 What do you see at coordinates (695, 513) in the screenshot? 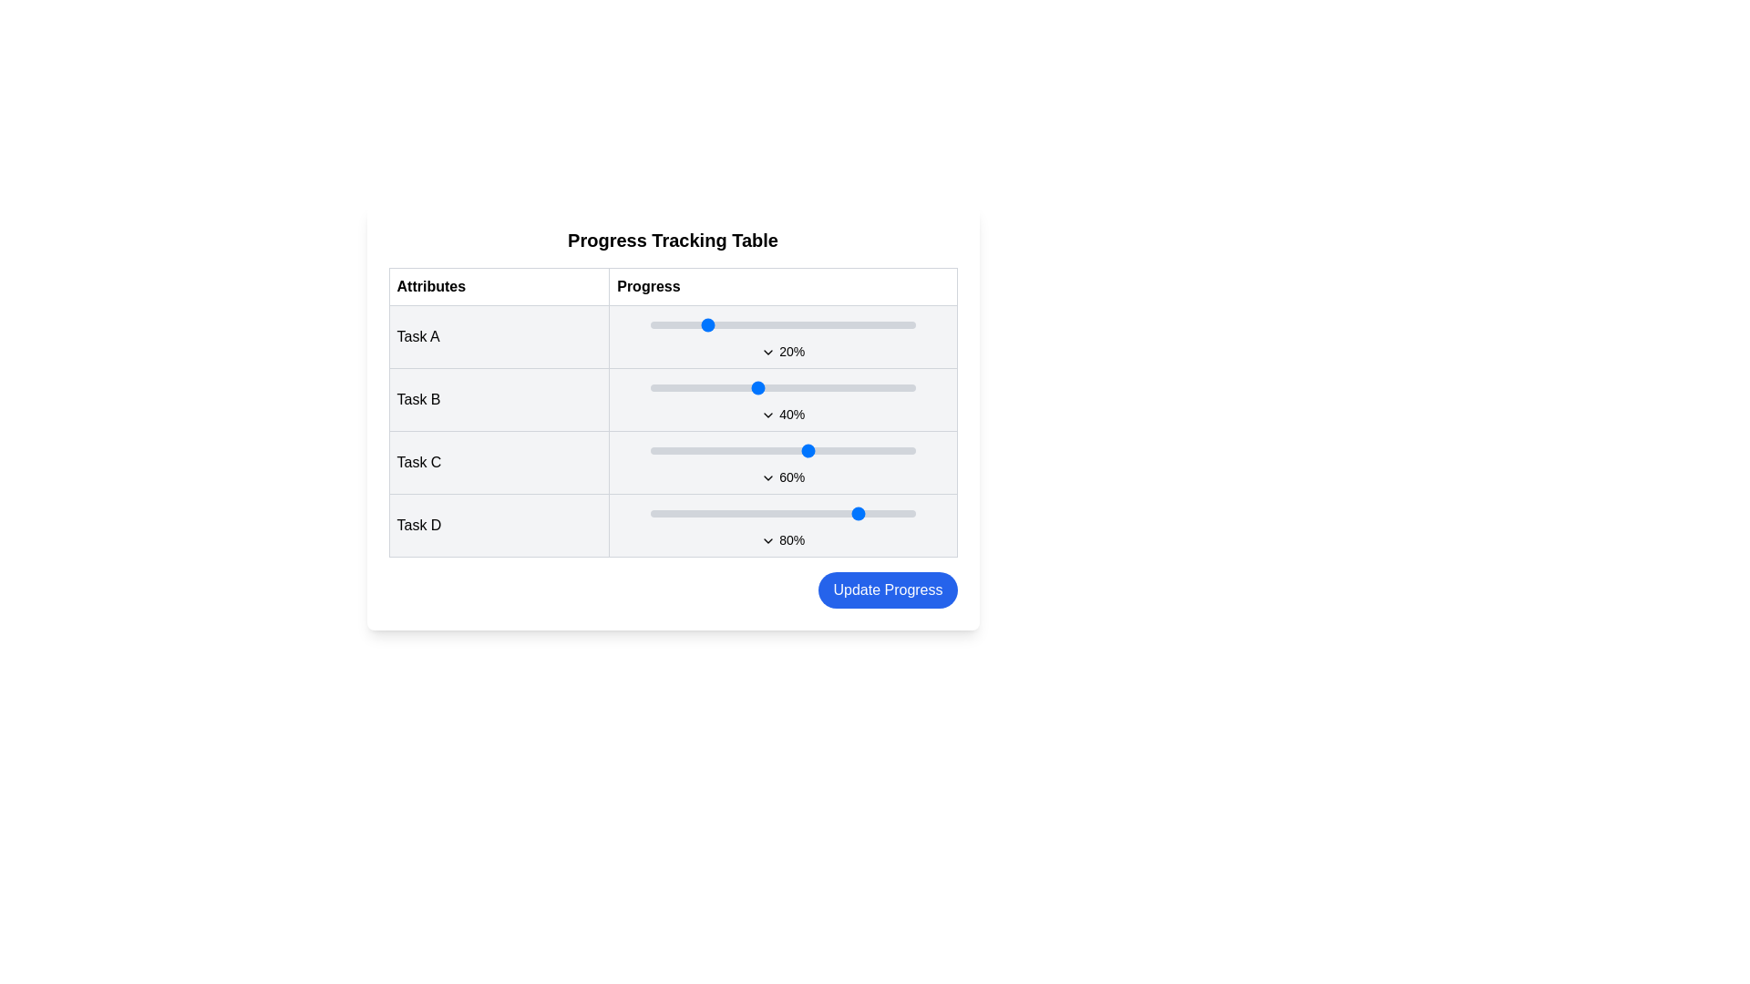
I see `task progress` at bounding box center [695, 513].